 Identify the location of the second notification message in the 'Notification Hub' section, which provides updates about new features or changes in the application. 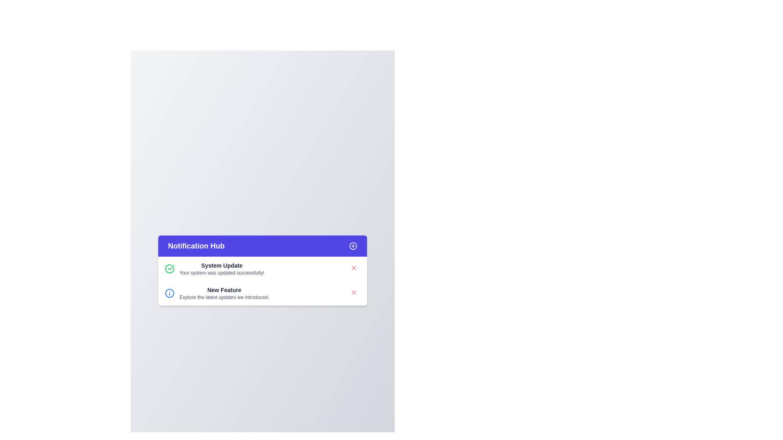
(224, 293).